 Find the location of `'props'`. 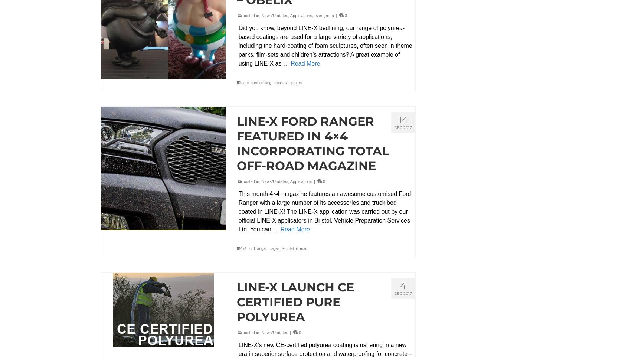

'props' is located at coordinates (278, 82).